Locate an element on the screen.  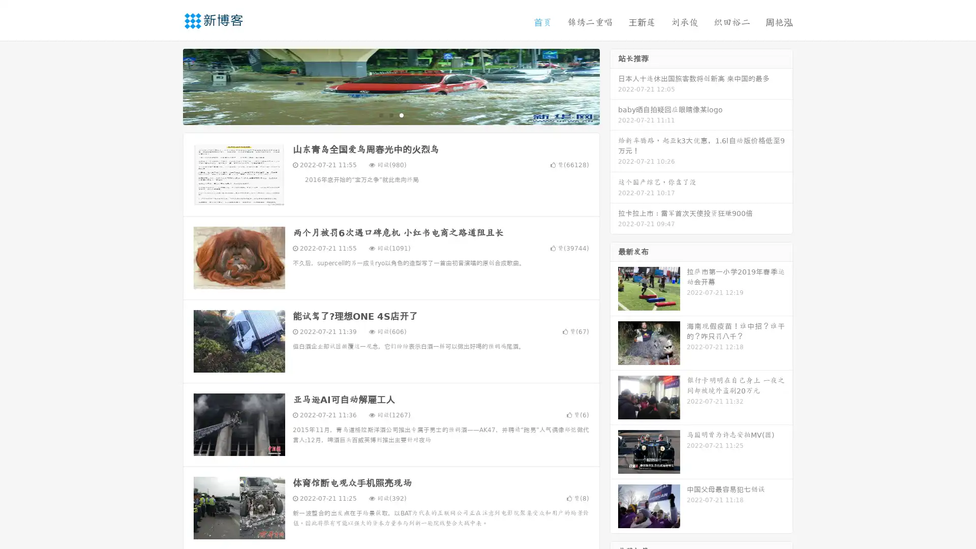
Go to slide 1 is located at coordinates (380, 114).